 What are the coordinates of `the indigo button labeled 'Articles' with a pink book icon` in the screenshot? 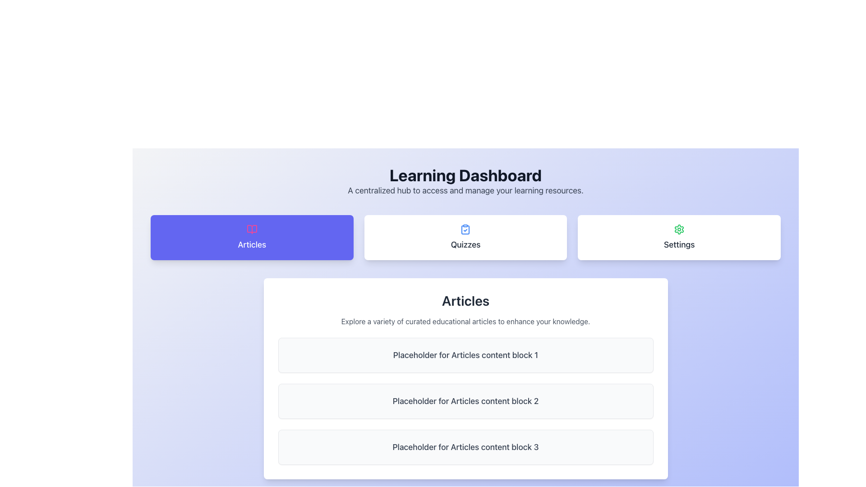 It's located at (252, 237).